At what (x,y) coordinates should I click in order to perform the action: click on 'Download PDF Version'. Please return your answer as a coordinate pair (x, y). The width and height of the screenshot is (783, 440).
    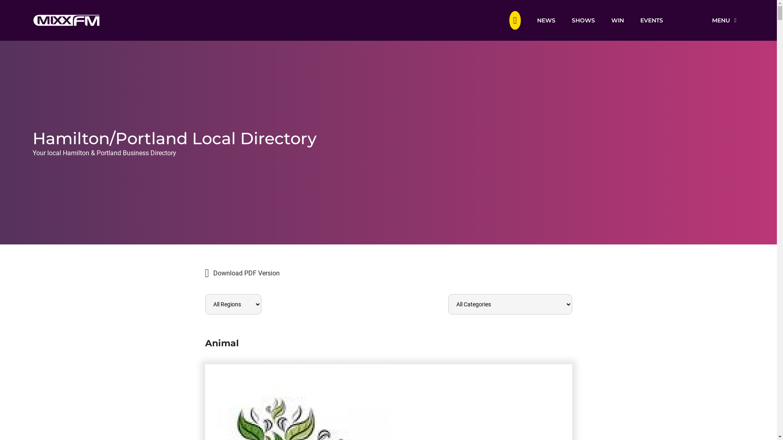
    Looking at the image, I should click on (387, 273).